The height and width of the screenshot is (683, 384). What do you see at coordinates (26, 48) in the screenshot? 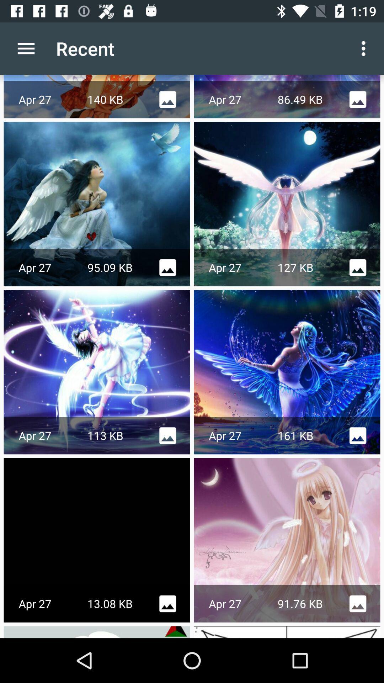
I see `the app next to recent icon` at bounding box center [26, 48].